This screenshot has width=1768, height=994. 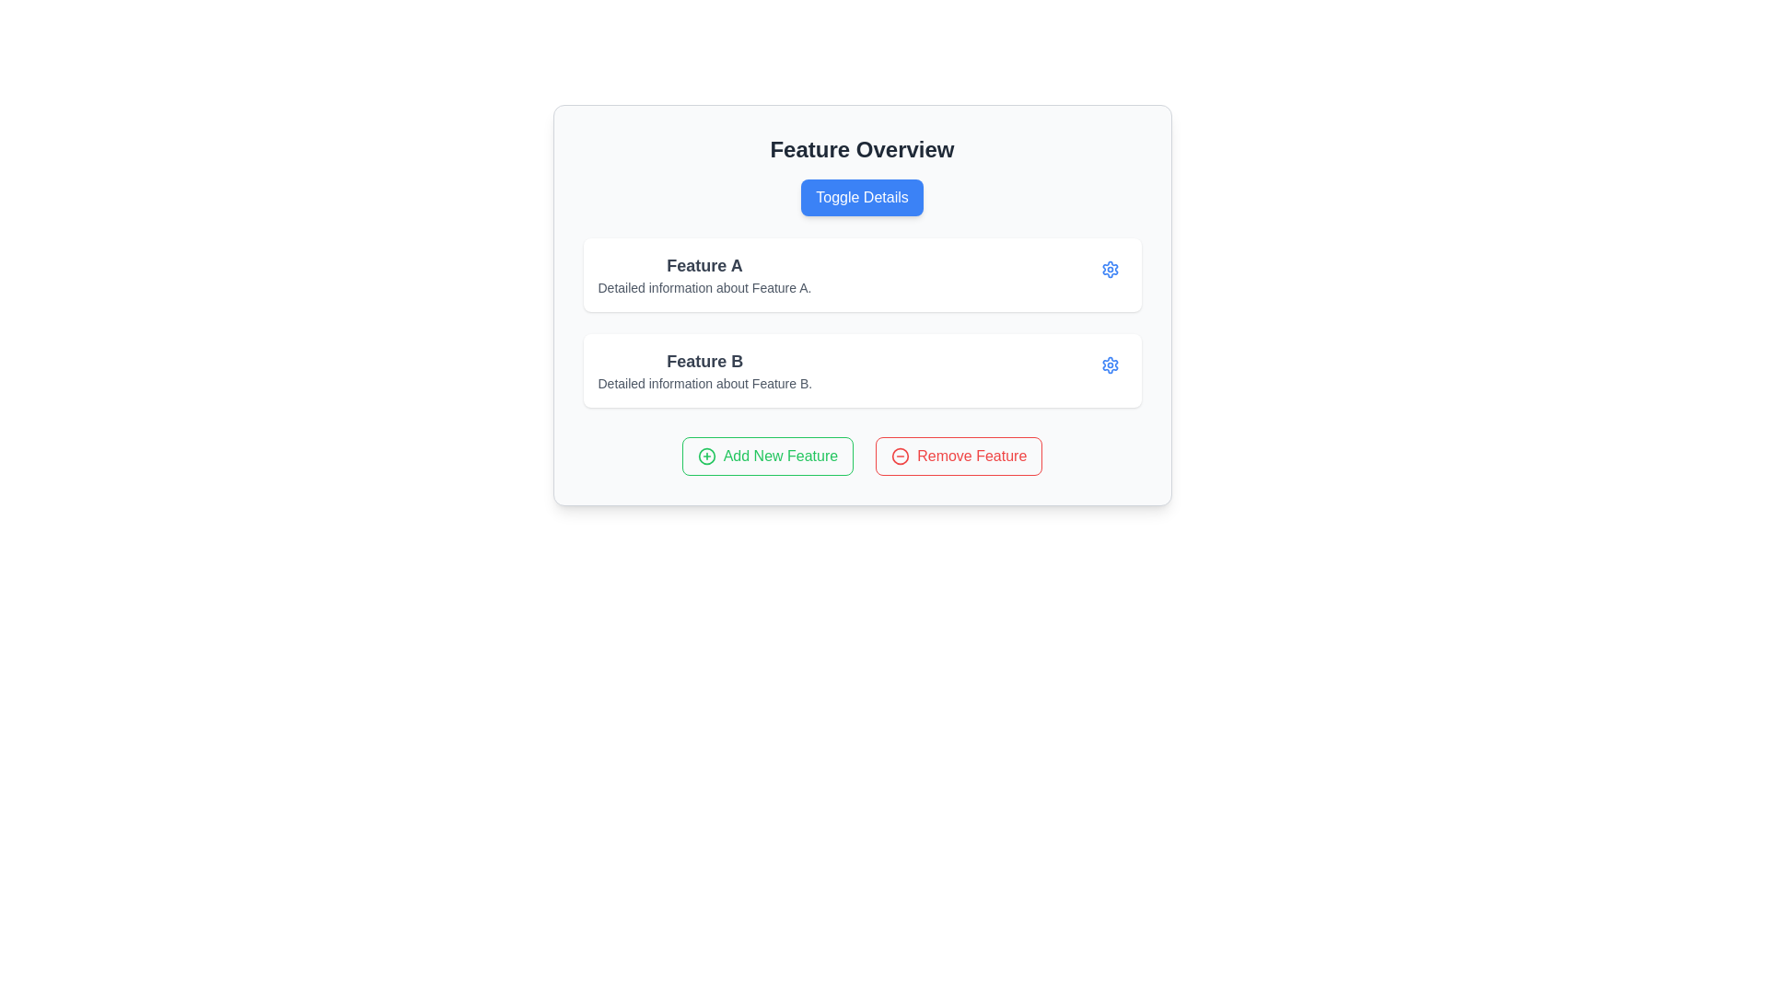 I want to click on the 'Add New Feature' icon, which is represented by an SVG circle with a '+' symbol, located at the center of the green-bordered button at the bottom left of the displayed area, so click(x=705, y=456).